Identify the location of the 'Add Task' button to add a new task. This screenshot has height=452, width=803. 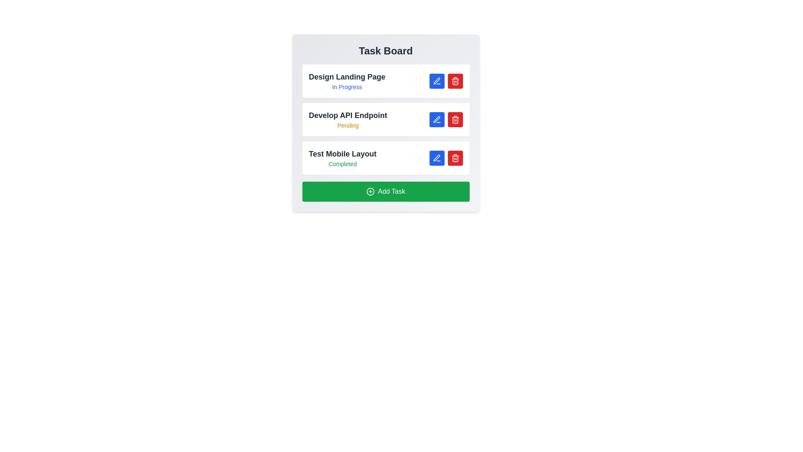
(385, 192).